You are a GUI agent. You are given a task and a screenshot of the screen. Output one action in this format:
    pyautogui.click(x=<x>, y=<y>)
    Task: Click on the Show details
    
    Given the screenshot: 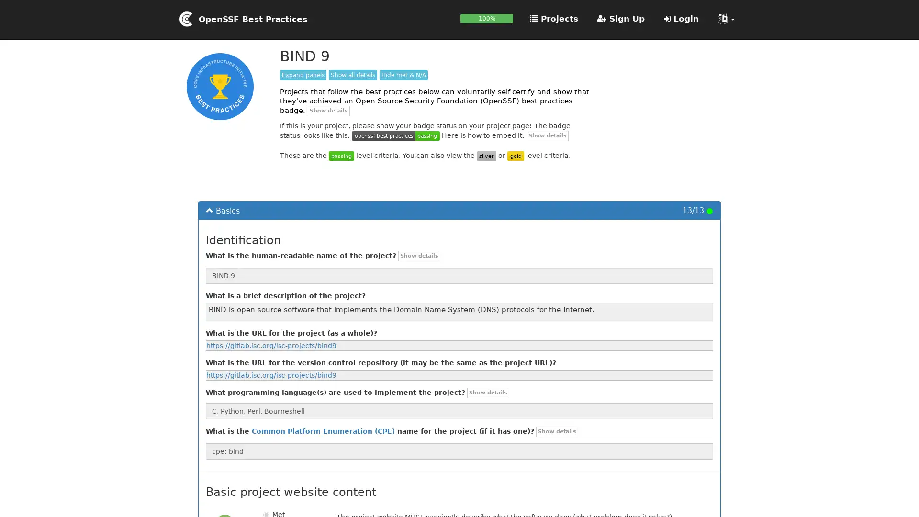 What is the action you would take?
    pyautogui.click(x=419, y=255)
    